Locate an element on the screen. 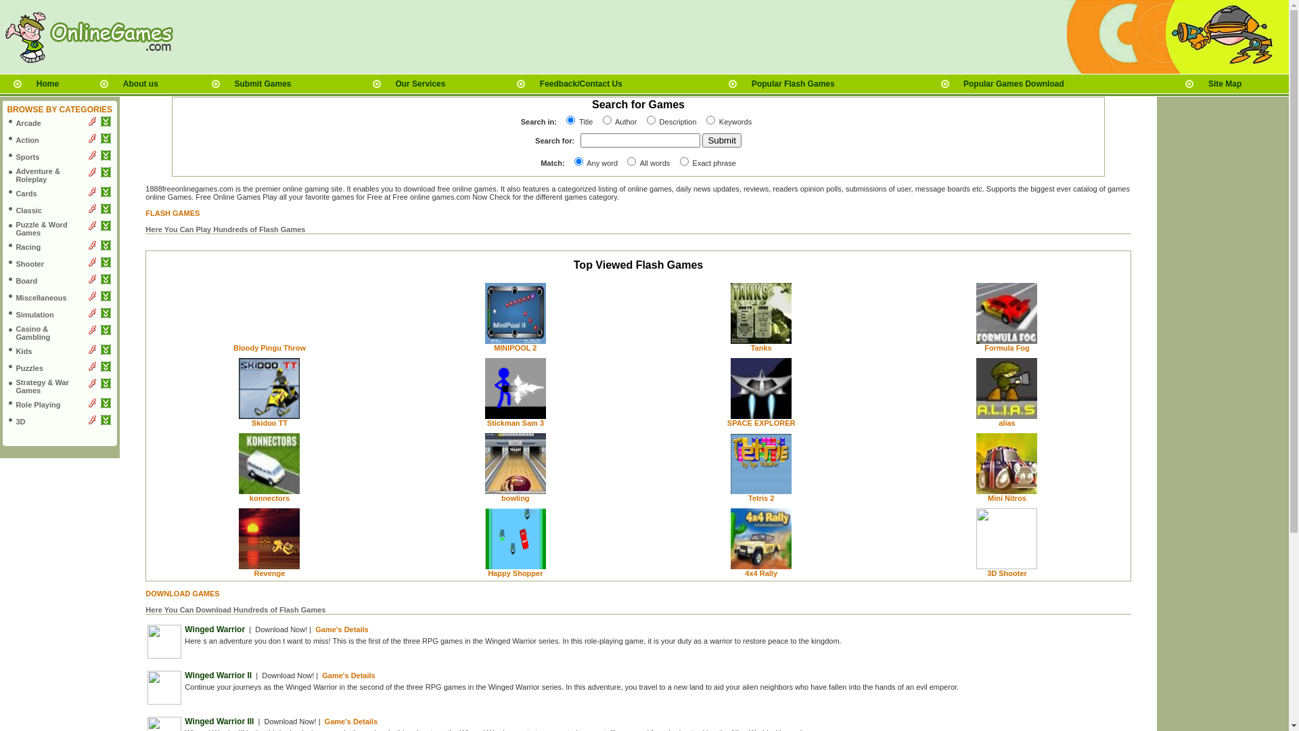  'Game's Details' is located at coordinates (348, 675).